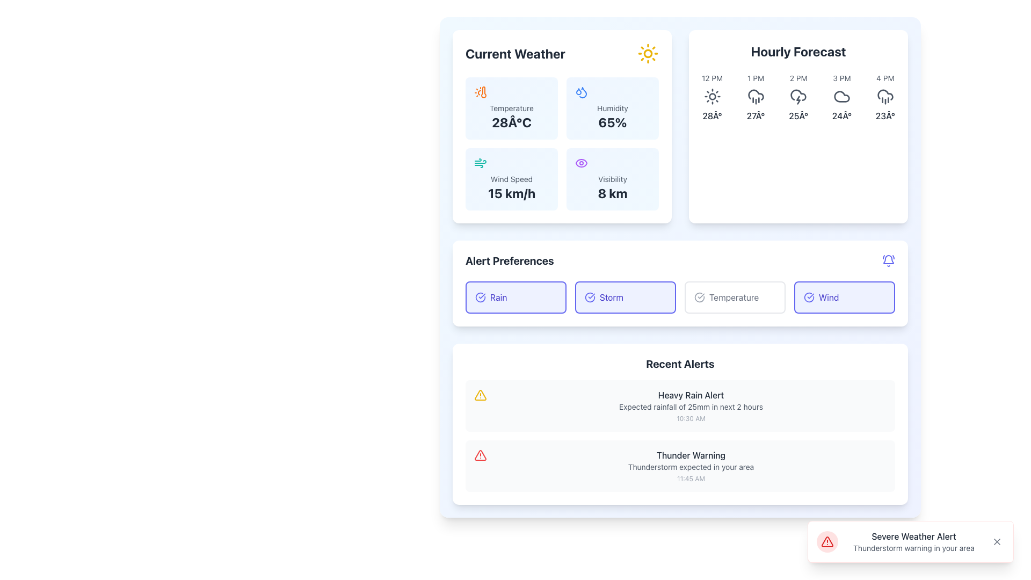  Describe the element at coordinates (613, 179) in the screenshot. I see `the data displayed on the Statistical display card located in the bottom-right of the grid section titled 'Current Weather', which is the fourth item in the grid after 'Temperature', 'Humidity', and 'Wind Speed'` at that location.